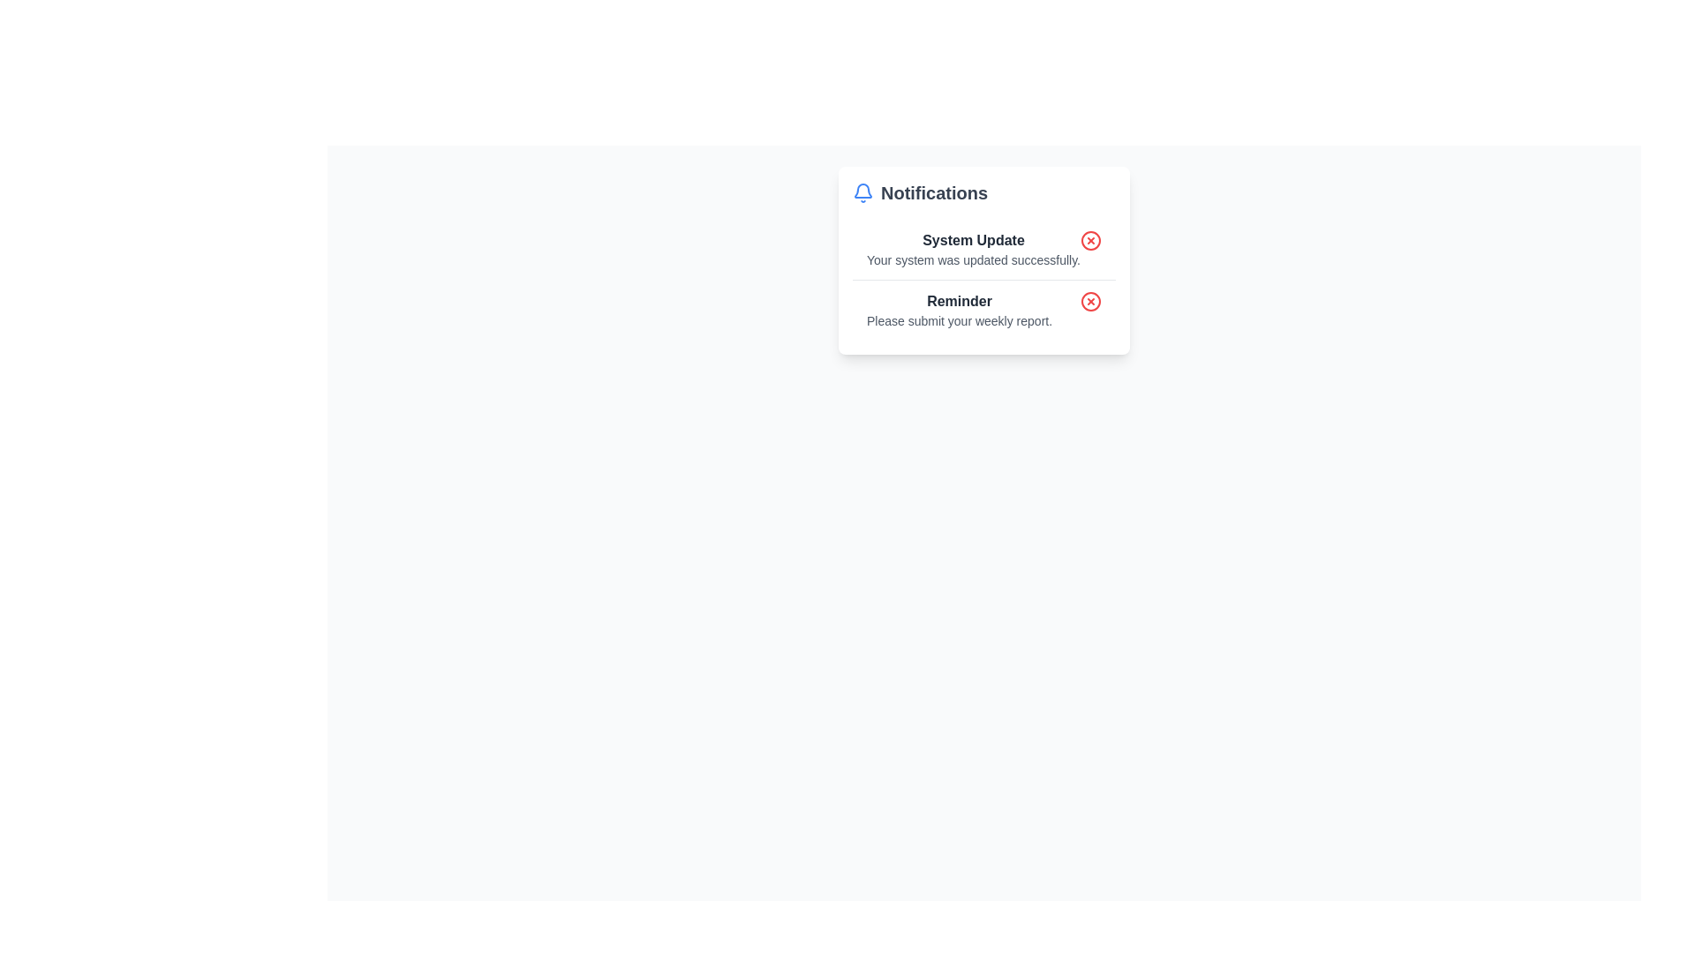  I want to click on the text label that serves as a header for the notification section, located at the top left corner of the notification card, aligned to the left of the heading text 'Notifications', so click(919, 193).